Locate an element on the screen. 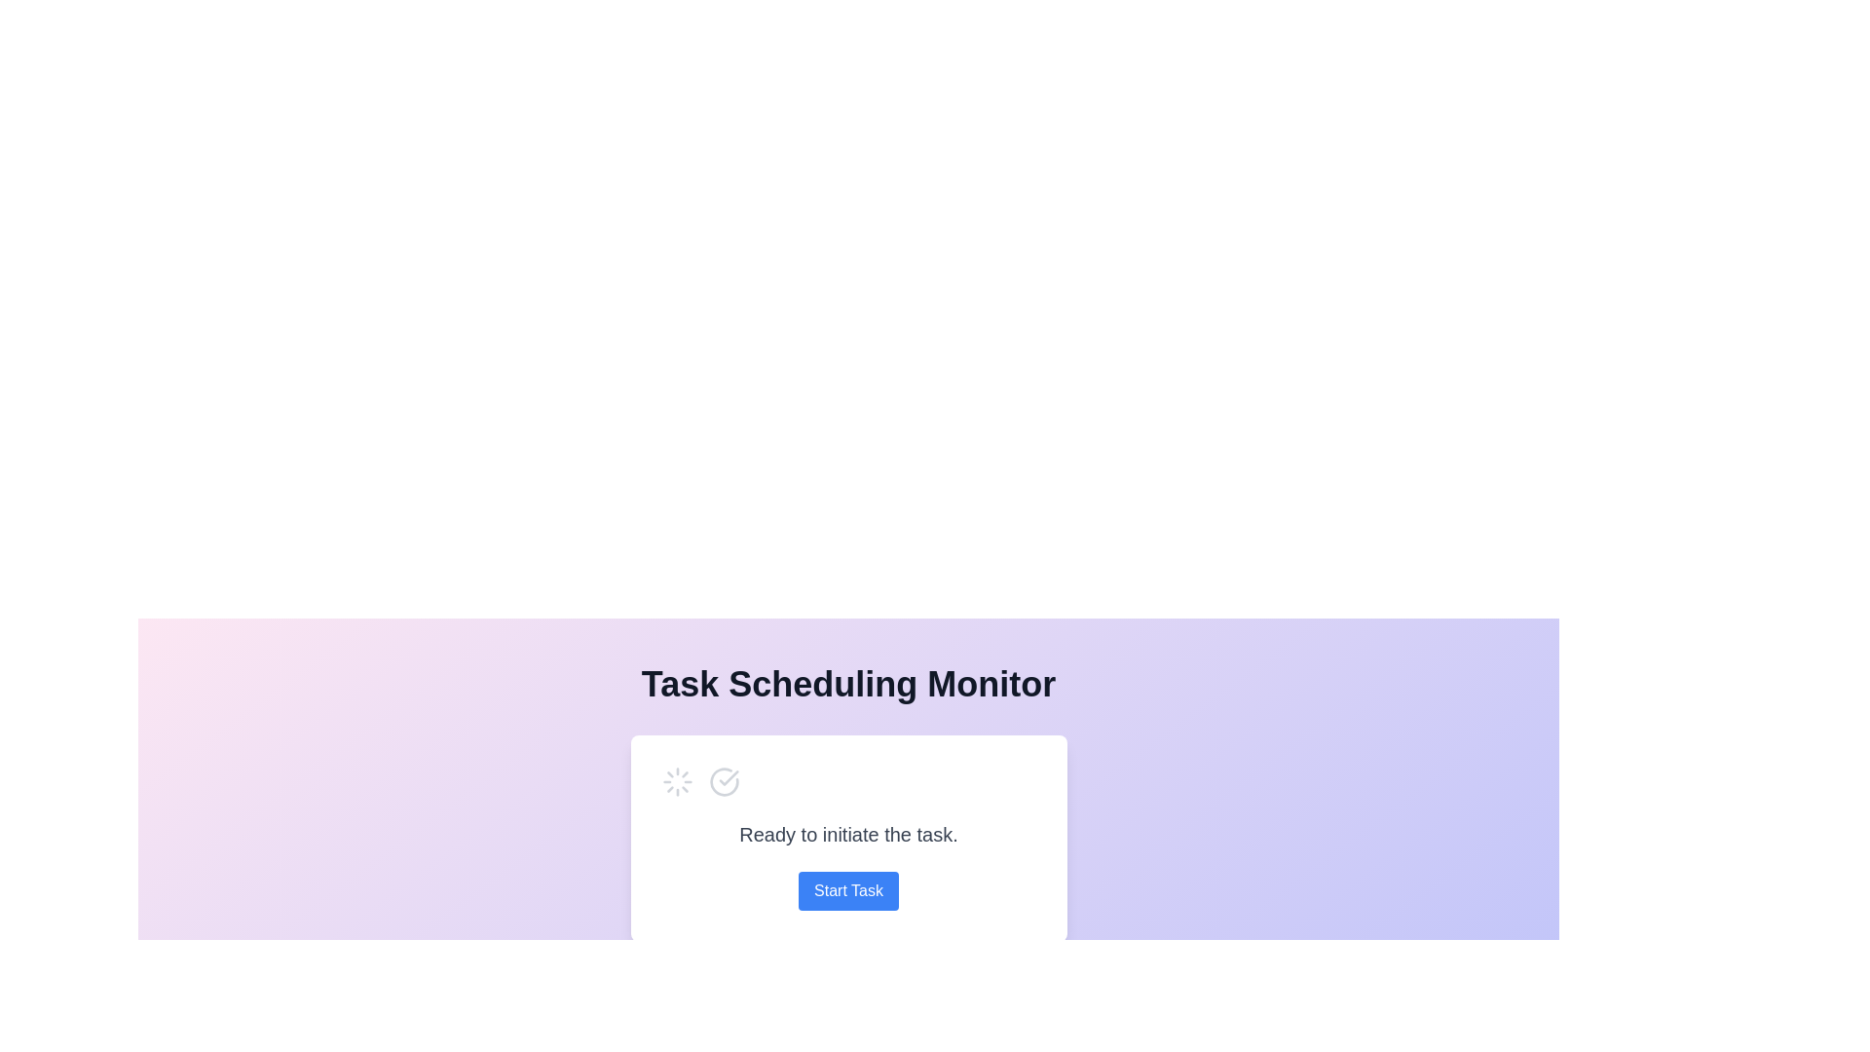 The image size is (1870, 1052). the white, rectangular, rounded card with a loading spinner and a checkmark icon in the upper left section, located below the 'Task Scheduling Monitor' heading is located at coordinates (848, 837).